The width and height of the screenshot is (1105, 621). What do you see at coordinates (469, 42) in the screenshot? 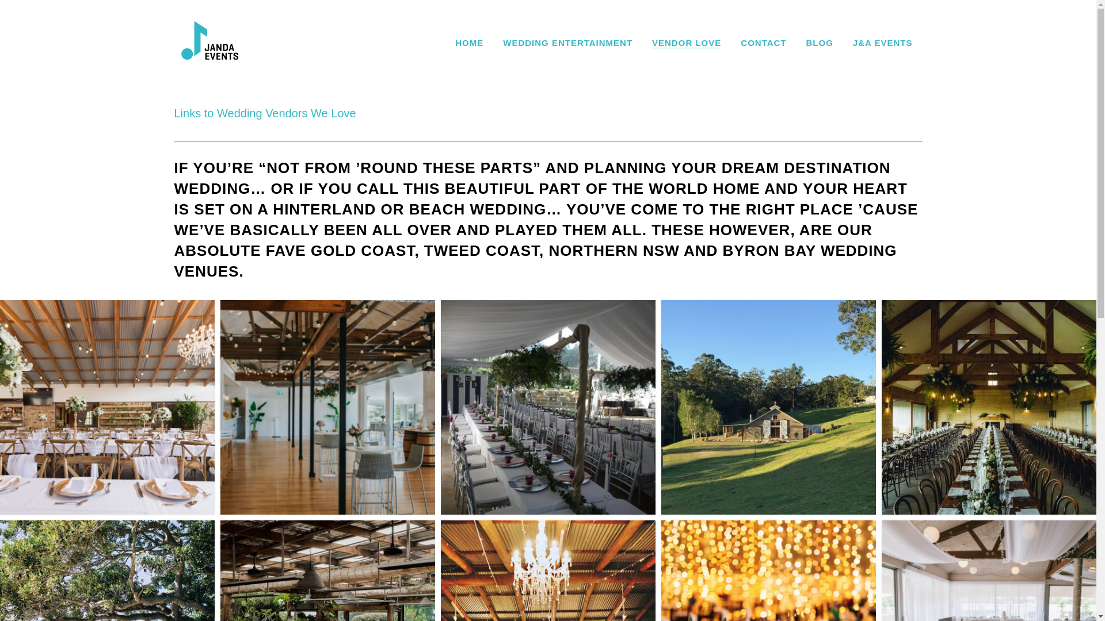
I see `'HOME'` at bounding box center [469, 42].